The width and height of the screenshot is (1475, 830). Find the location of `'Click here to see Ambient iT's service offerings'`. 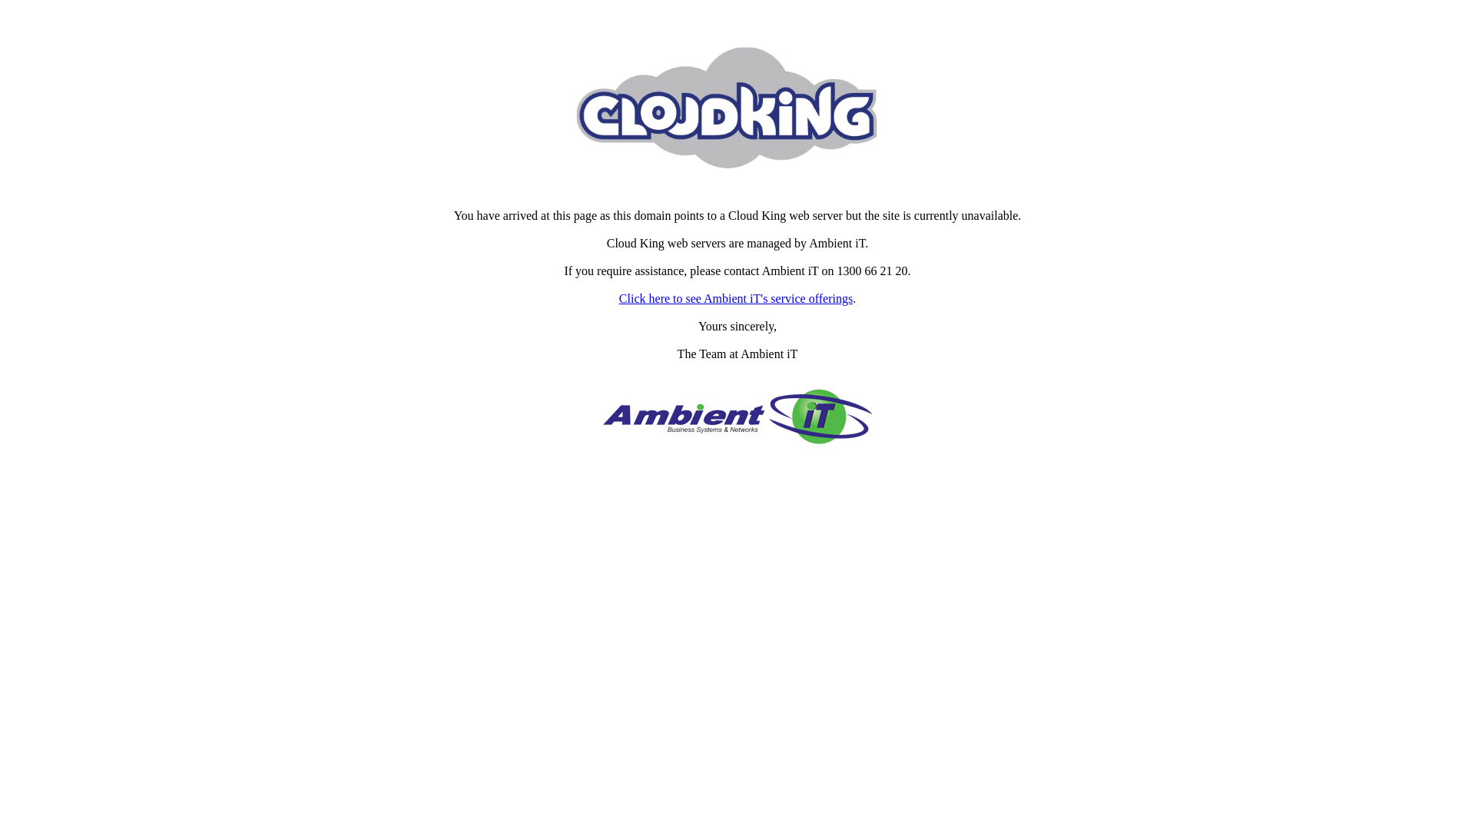

'Click here to see Ambient iT's service offerings' is located at coordinates (735, 298).